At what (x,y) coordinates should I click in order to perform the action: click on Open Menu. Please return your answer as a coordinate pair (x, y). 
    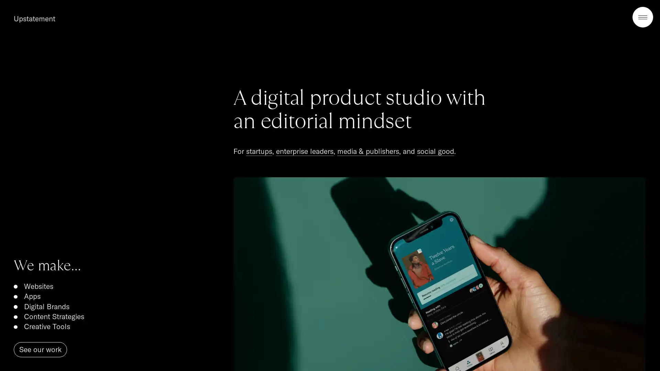
    Looking at the image, I should click on (642, 17).